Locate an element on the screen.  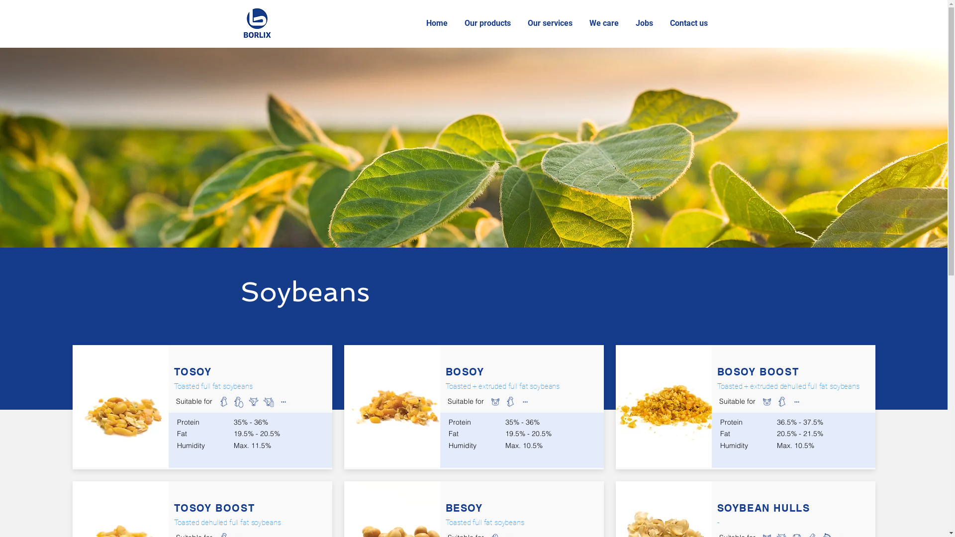
'Dairy cows' is located at coordinates (539, 400).